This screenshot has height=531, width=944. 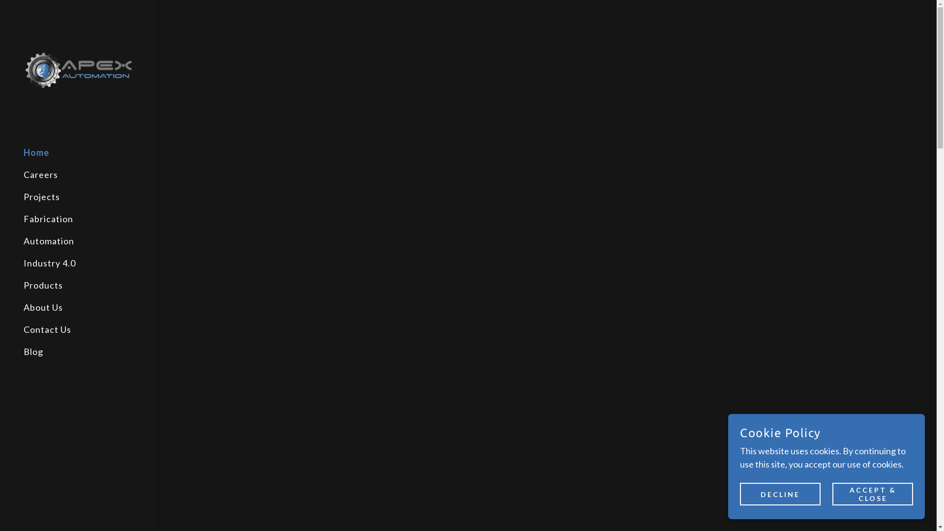 I want to click on 'Home', so click(x=36, y=152).